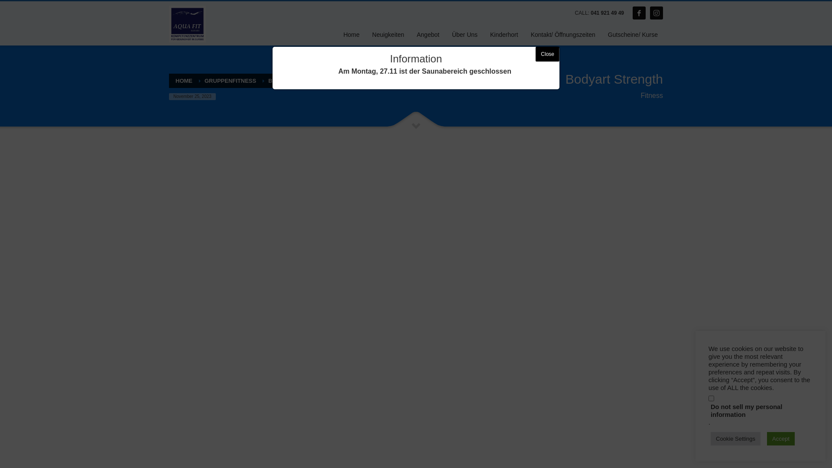  What do you see at coordinates (230, 81) in the screenshot?
I see `'GRUPPENFITNESS'` at bounding box center [230, 81].